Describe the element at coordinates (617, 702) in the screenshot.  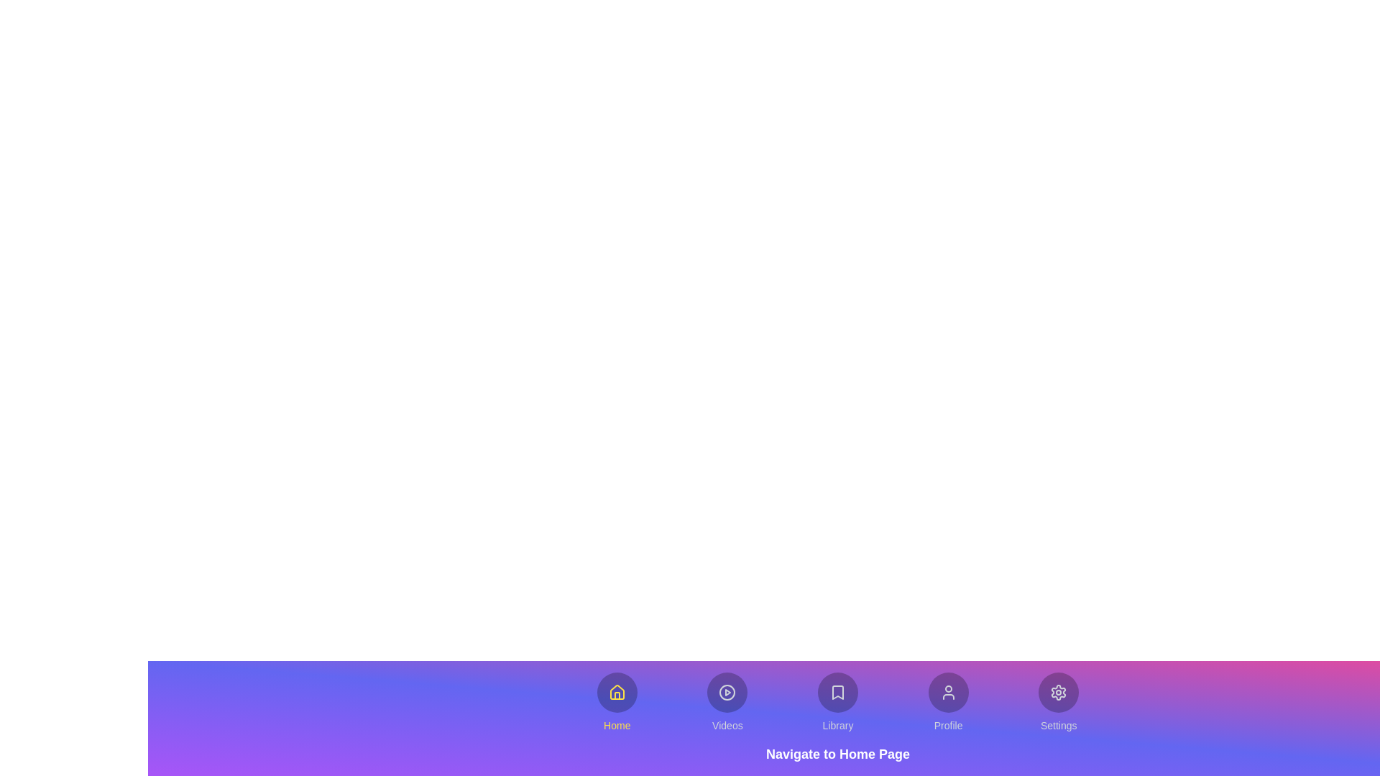
I see `the button labeled Home to explore its hover effects` at that location.